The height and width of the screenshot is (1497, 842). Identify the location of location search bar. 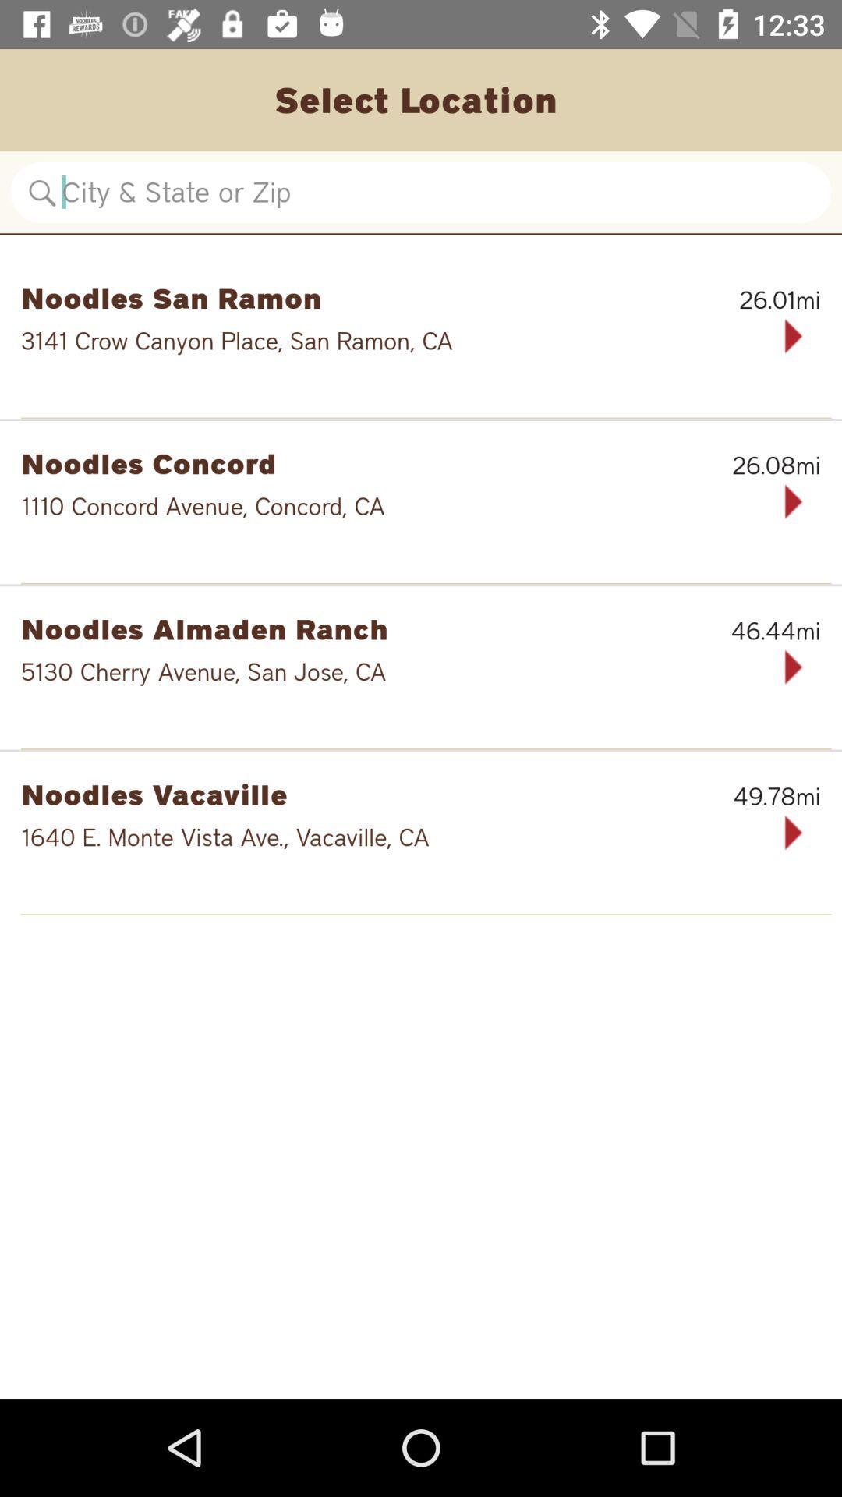
(421, 191).